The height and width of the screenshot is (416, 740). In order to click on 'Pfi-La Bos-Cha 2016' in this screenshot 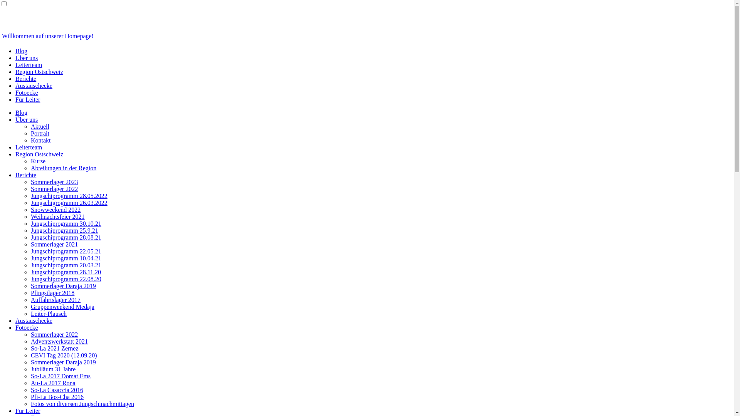, I will do `click(57, 397)`.